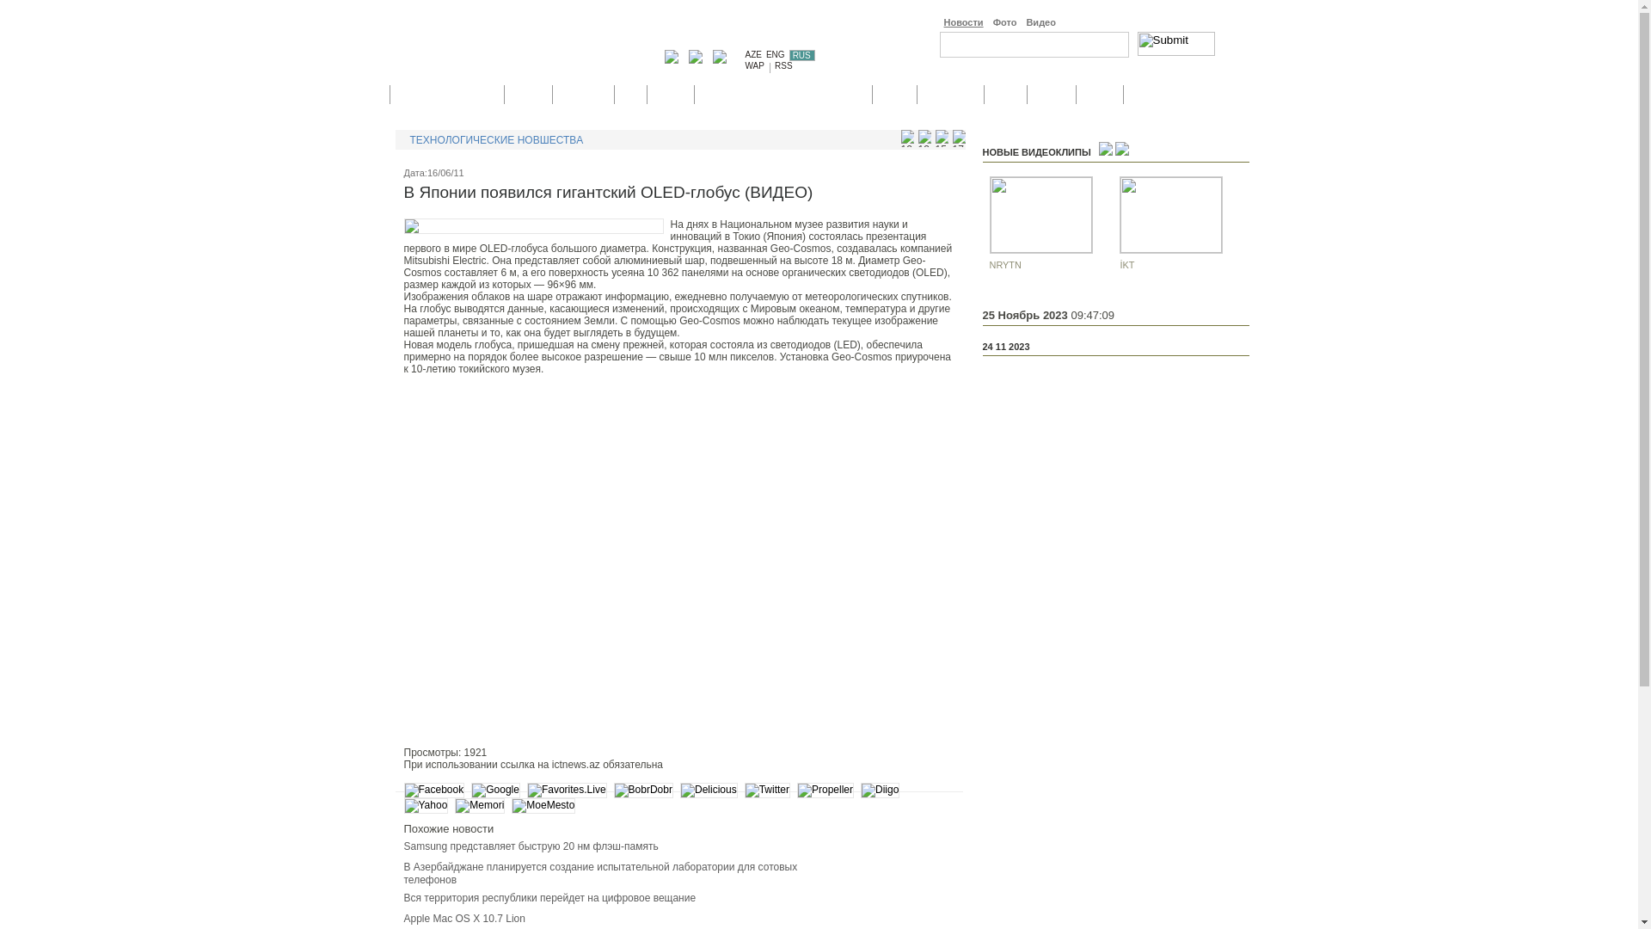 The width and height of the screenshot is (1651, 929). Describe the element at coordinates (775, 53) in the screenshot. I see `'ENG'` at that location.